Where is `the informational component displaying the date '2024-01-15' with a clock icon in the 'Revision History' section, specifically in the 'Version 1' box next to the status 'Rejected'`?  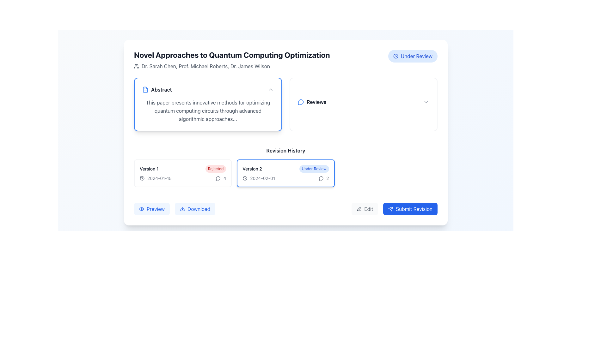
the informational component displaying the date '2024-01-15' with a clock icon in the 'Revision History' section, specifically in the 'Version 1' box next to the status 'Rejected' is located at coordinates (156, 178).